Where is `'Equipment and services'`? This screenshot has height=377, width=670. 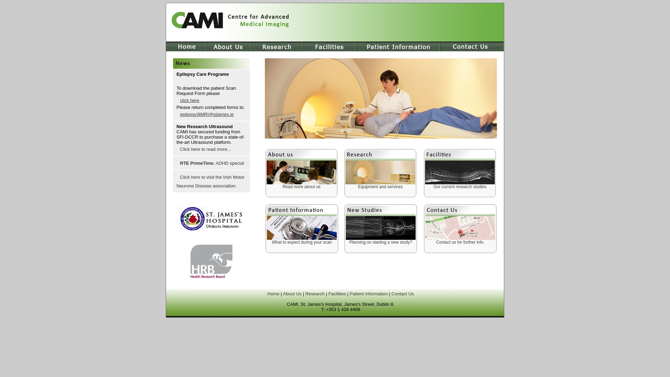
'Equipment and services' is located at coordinates (380, 186).